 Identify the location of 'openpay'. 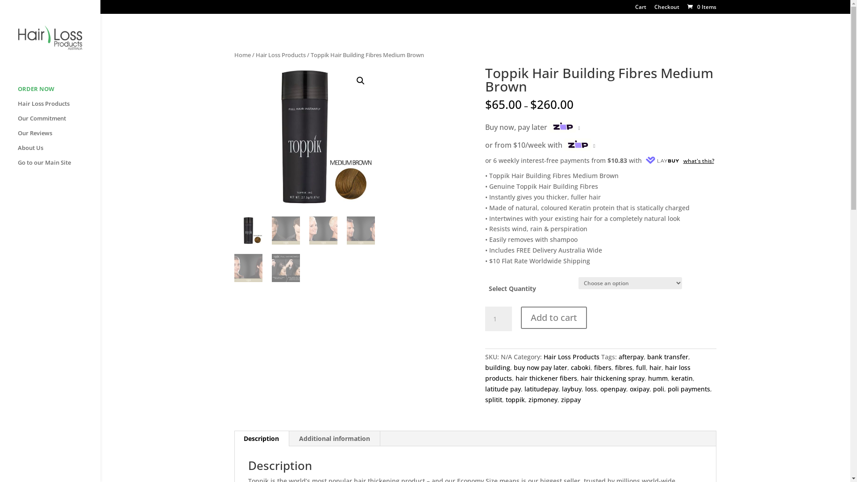
(612, 388).